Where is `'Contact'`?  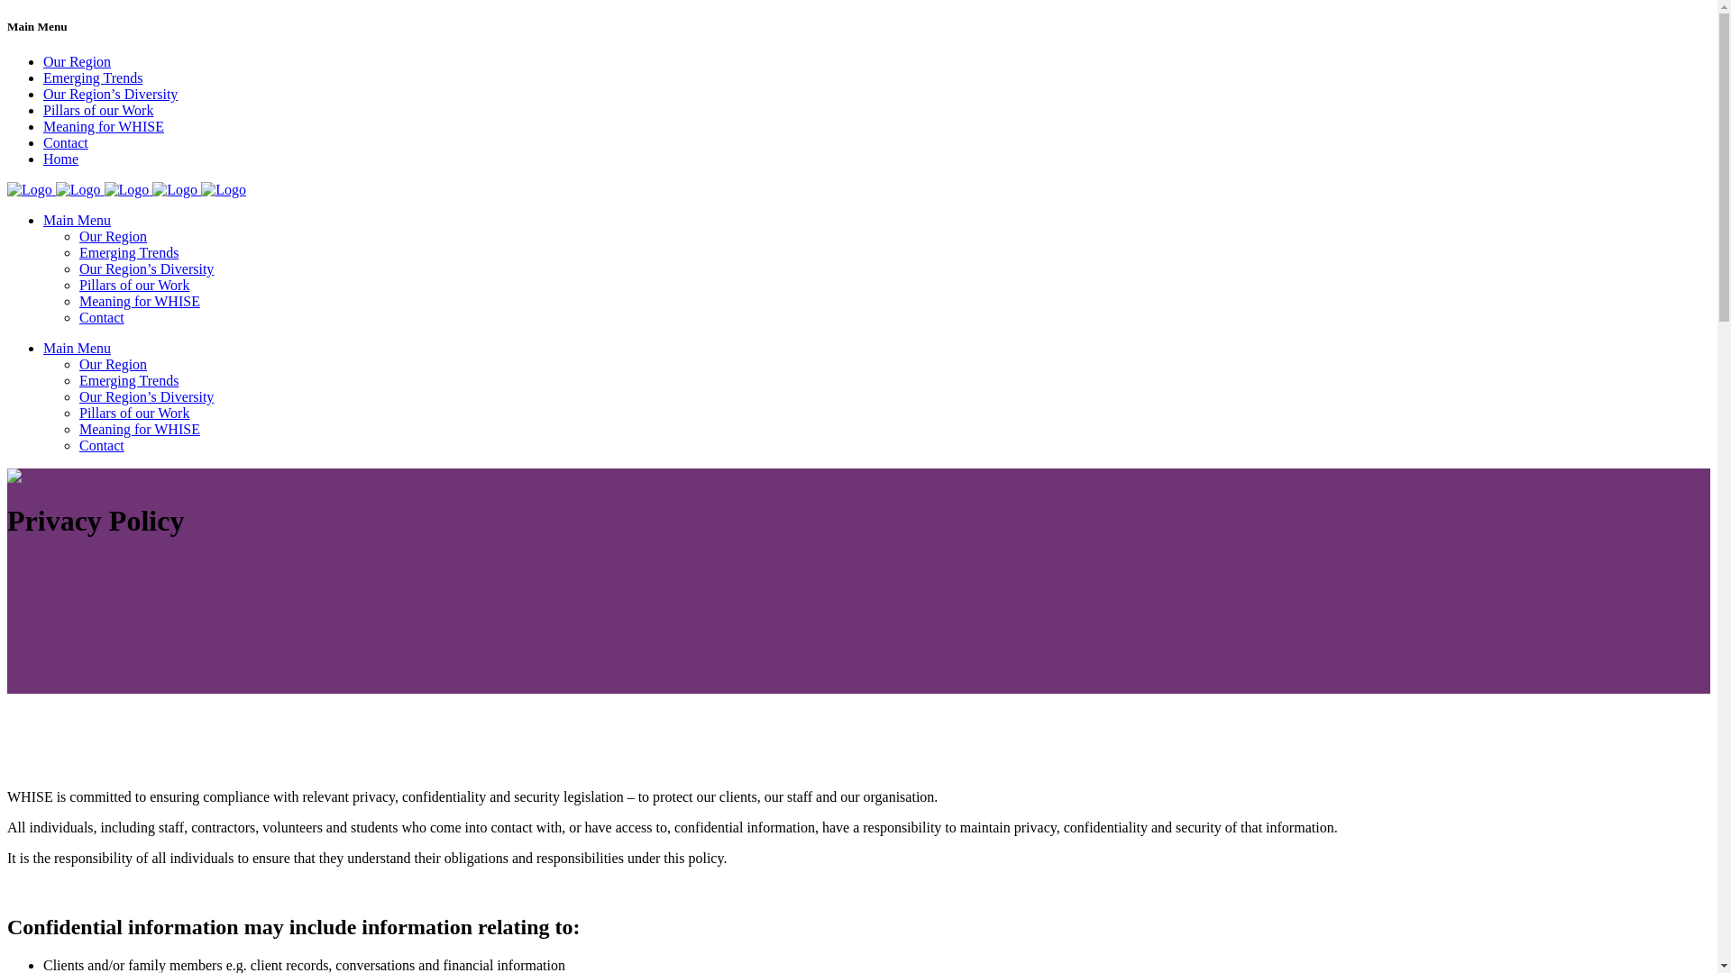
'Contact' is located at coordinates (78, 445).